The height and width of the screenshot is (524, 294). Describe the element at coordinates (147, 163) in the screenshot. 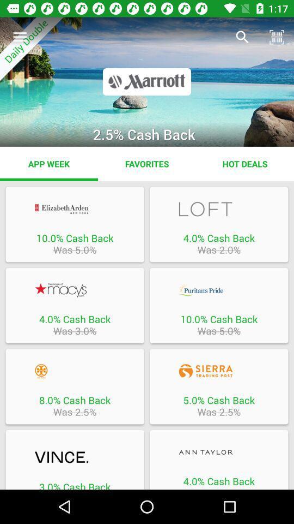

I see `the favorites icon` at that location.